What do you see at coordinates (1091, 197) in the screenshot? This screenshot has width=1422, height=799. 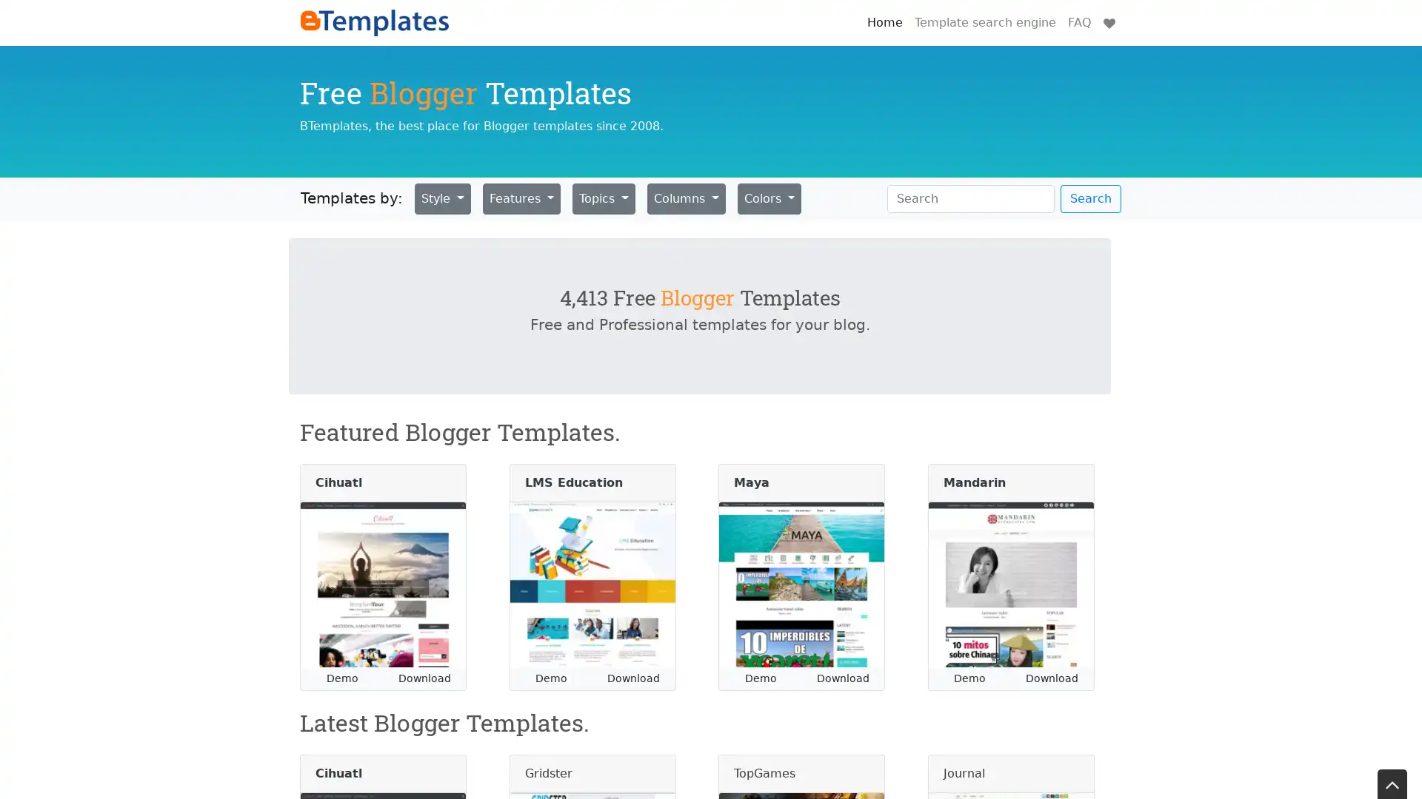 I see `Search` at bounding box center [1091, 197].